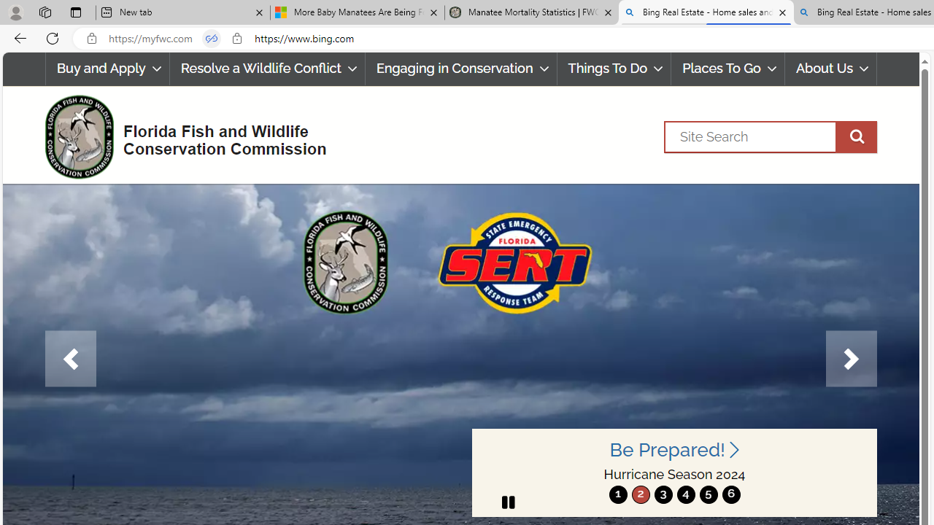 This screenshot has height=525, width=934. I want to click on '6', so click(731, 494).